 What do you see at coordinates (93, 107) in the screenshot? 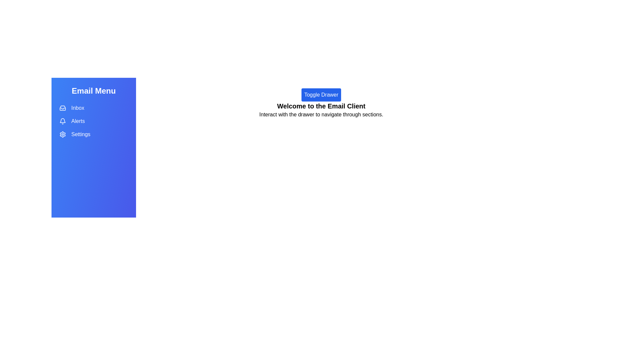
I see `the menu item Inbox to navigate to the corresponding section` at bounding box center [93, 107].